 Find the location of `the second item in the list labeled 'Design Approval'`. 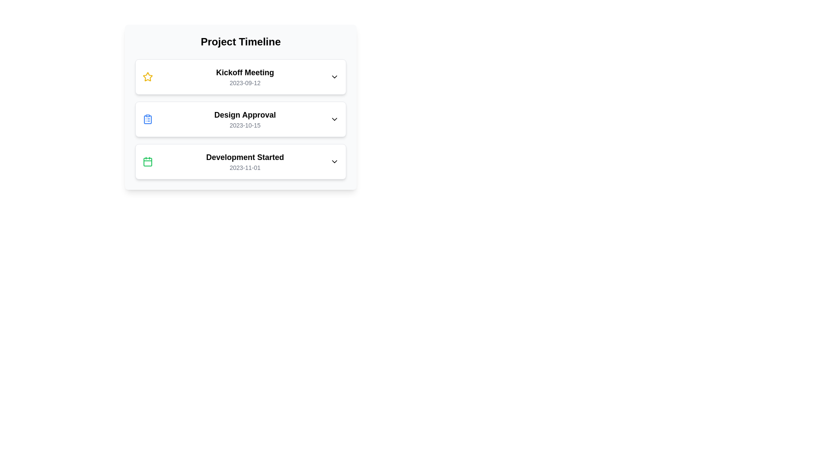

the second item in the list labeled 'Design Approval' is located at coordinates (240, 119).